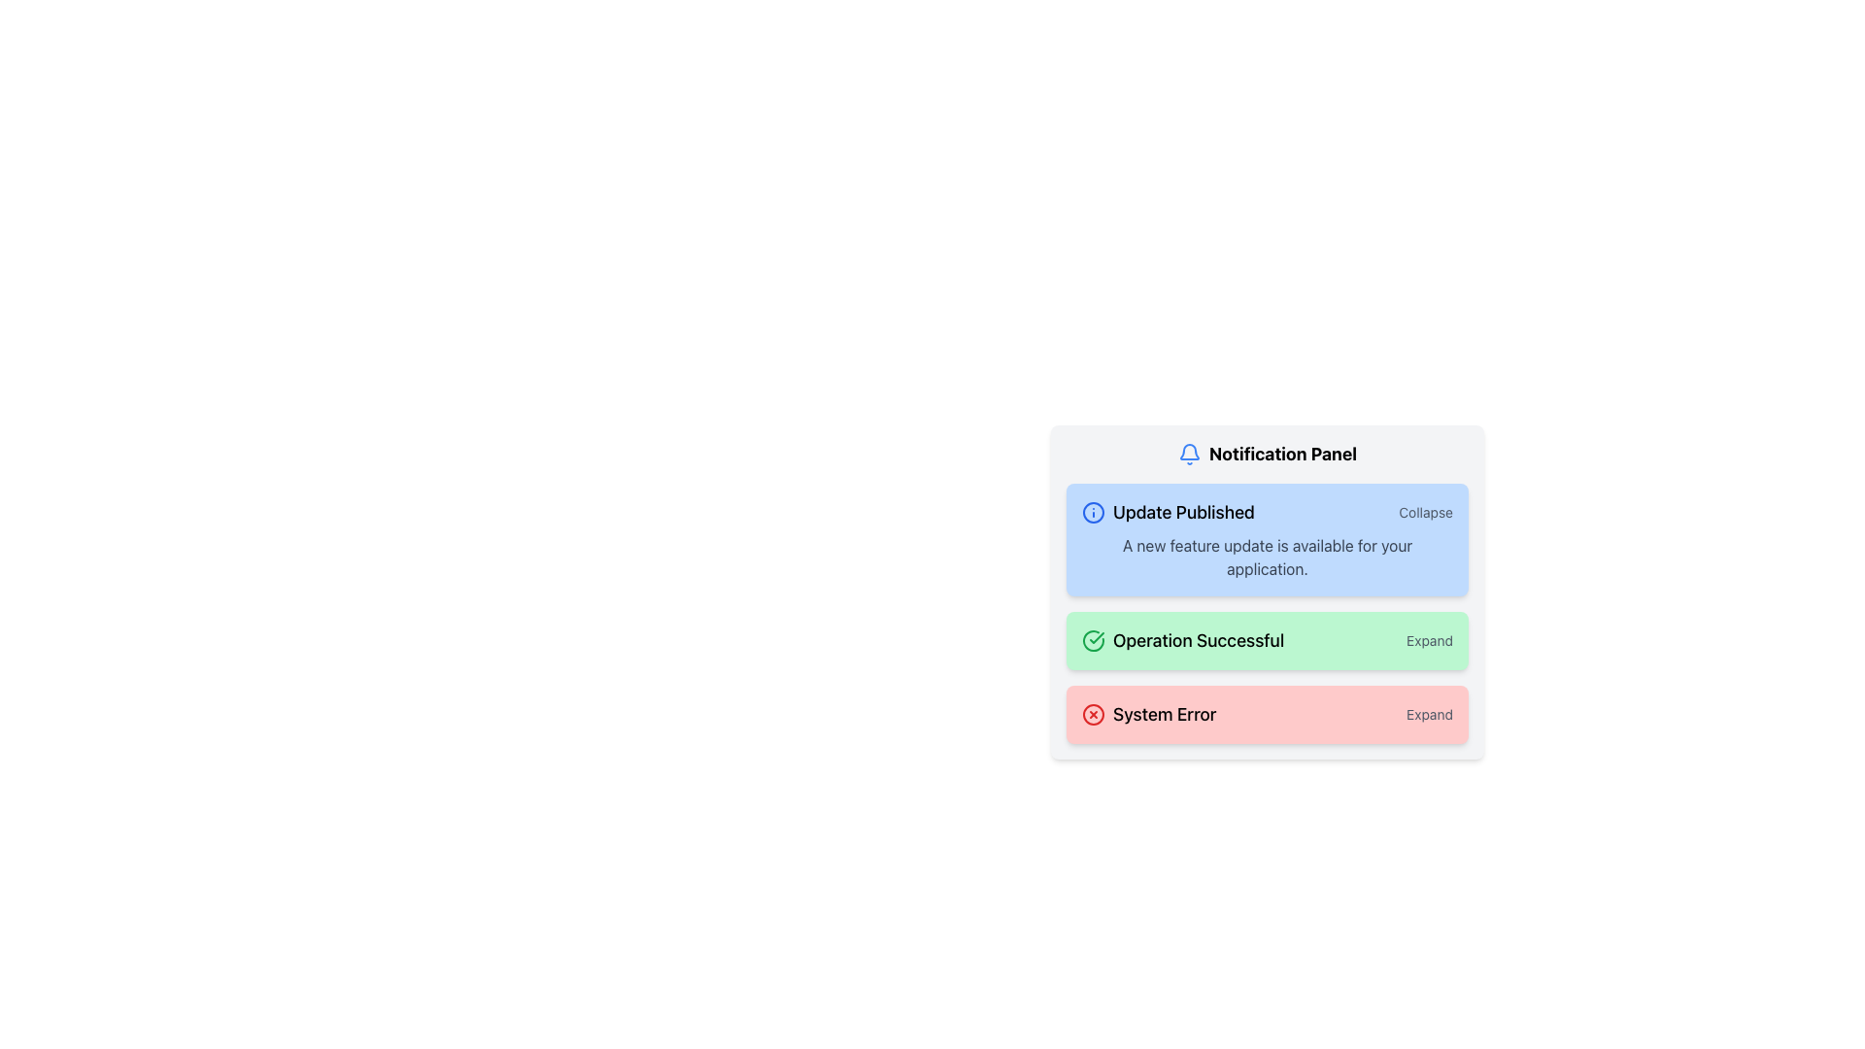  What do you see at coordinates (1165, 715) in the screenshot?
I see `the 'System Error' text label that indicates a critical system state within the Notification Panel` at bounding box center [1165, 715].